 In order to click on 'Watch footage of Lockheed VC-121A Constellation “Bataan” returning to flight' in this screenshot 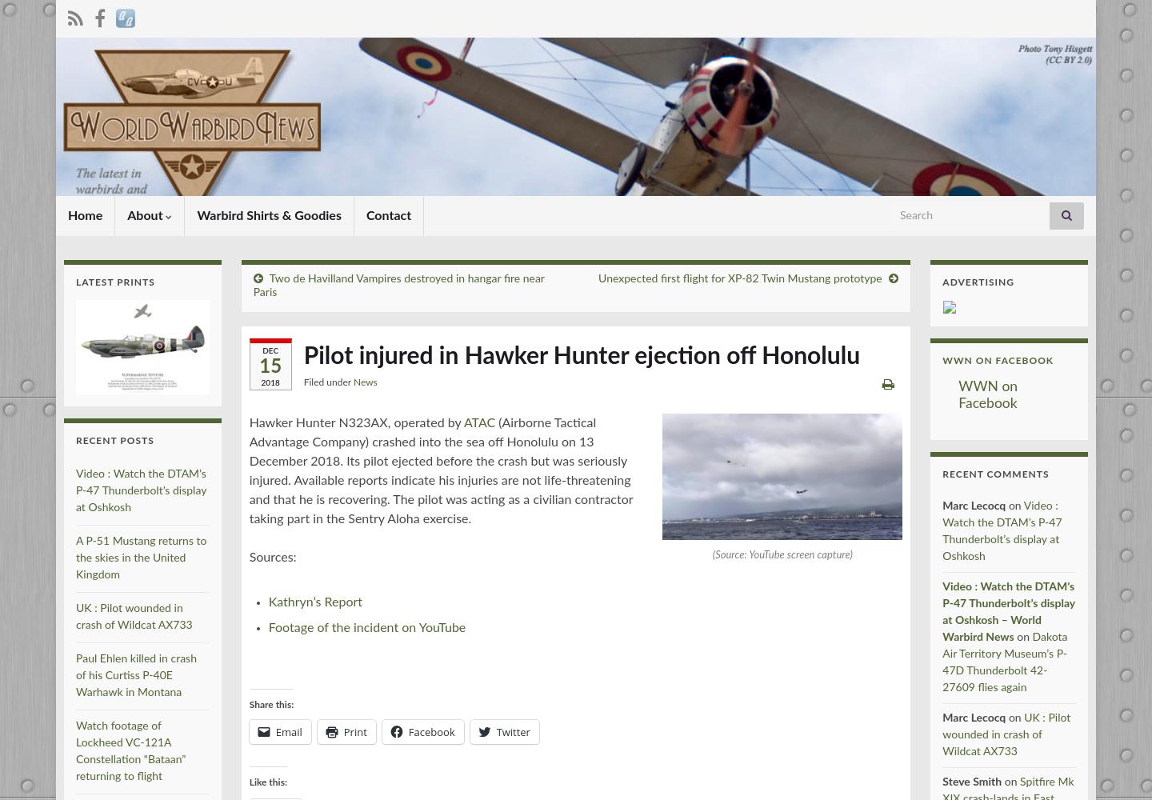, I will do `click(130, 750)`.